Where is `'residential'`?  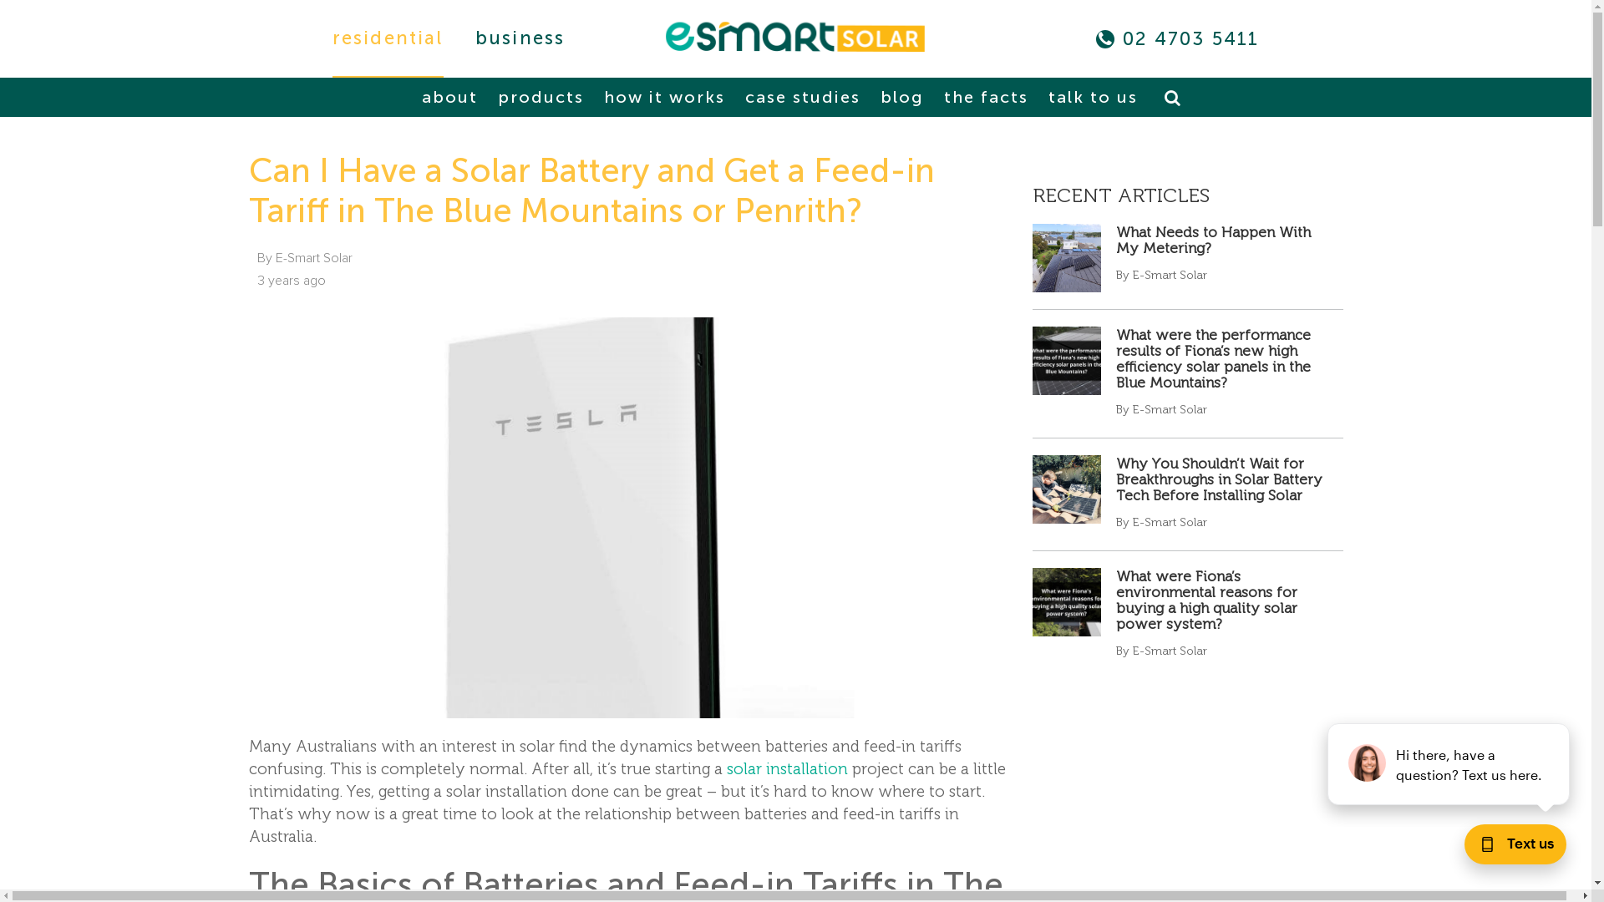 'residential' is located at coordinates (387, 38).